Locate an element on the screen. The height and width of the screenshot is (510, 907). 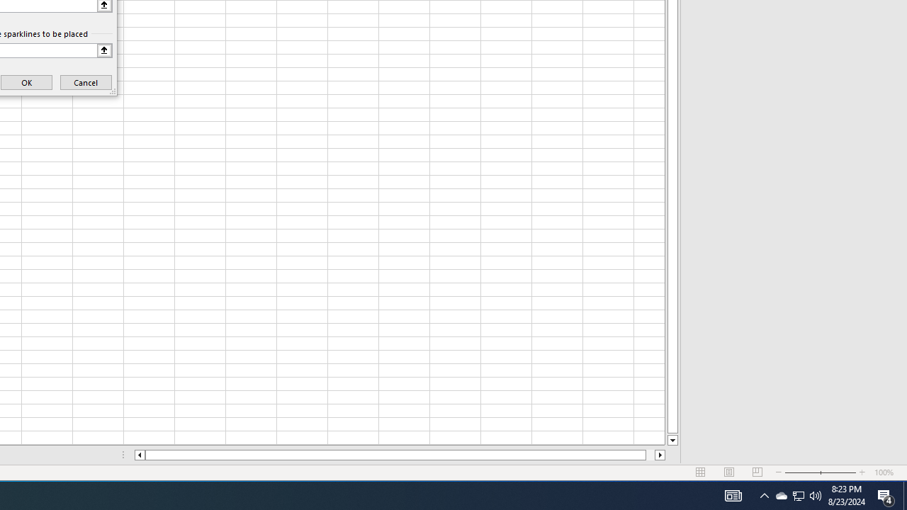
'Page right' is located at coordinates (649, 455).